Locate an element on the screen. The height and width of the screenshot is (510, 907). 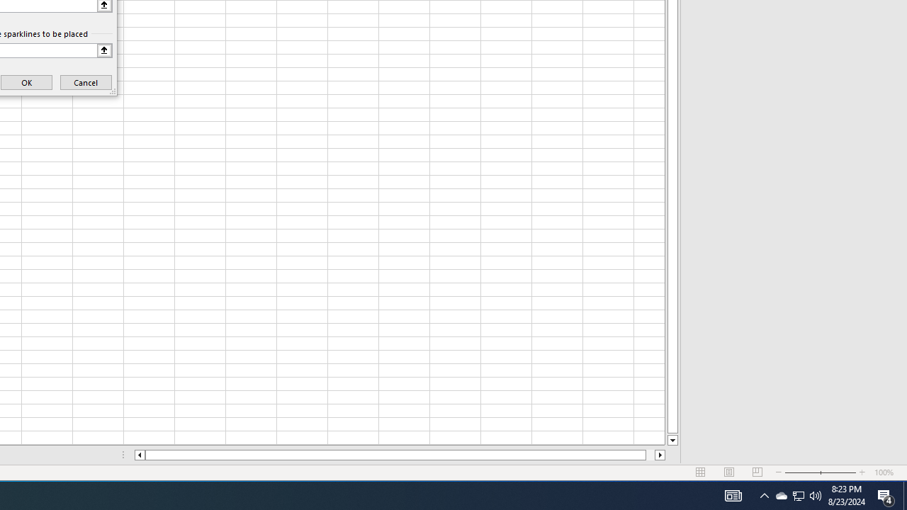
'Page right' is located at coordinates (649, 455).